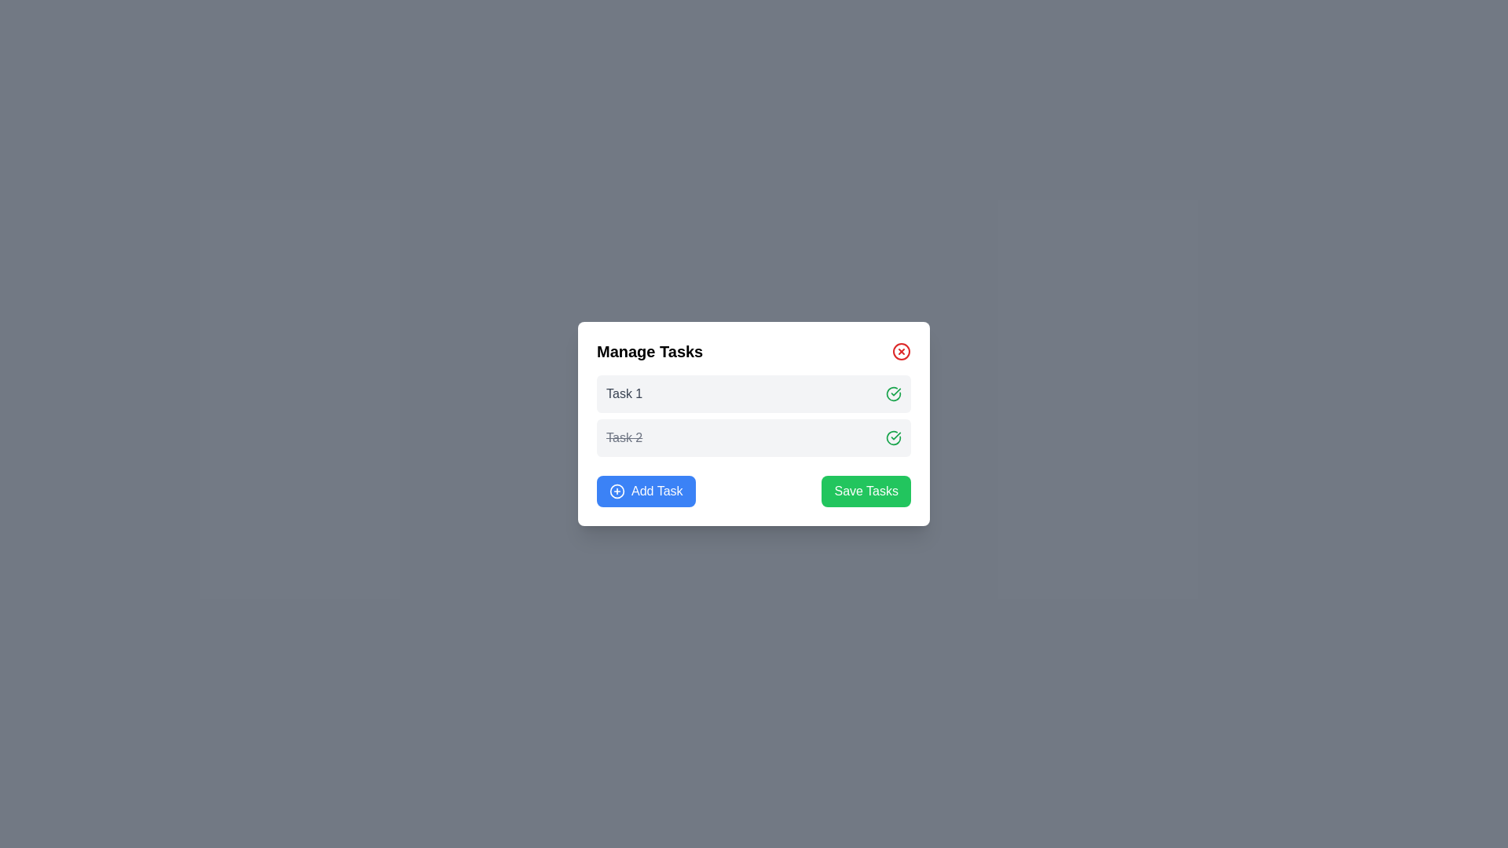 The image size is (1508, 848). I want to click on the text element representing 'Task 2', which is styled with a line-through decoration and gray color, indicating it as completed, so click(624, 438).